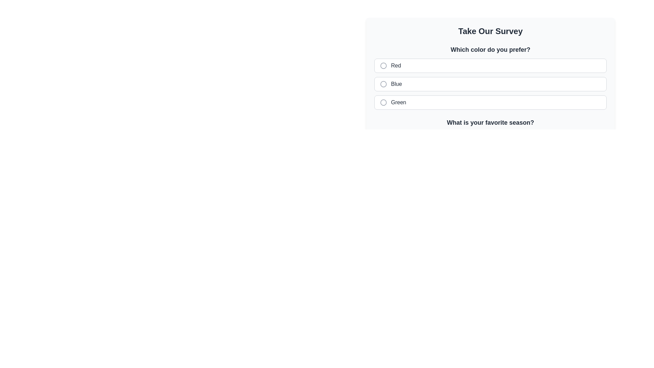  What do you see at coordinates (384, 102) in the screenshot?
I see `the 'Green' radio button indicator for accessibility navigation in the survey questionnaire` at bounding box center [384, 102].